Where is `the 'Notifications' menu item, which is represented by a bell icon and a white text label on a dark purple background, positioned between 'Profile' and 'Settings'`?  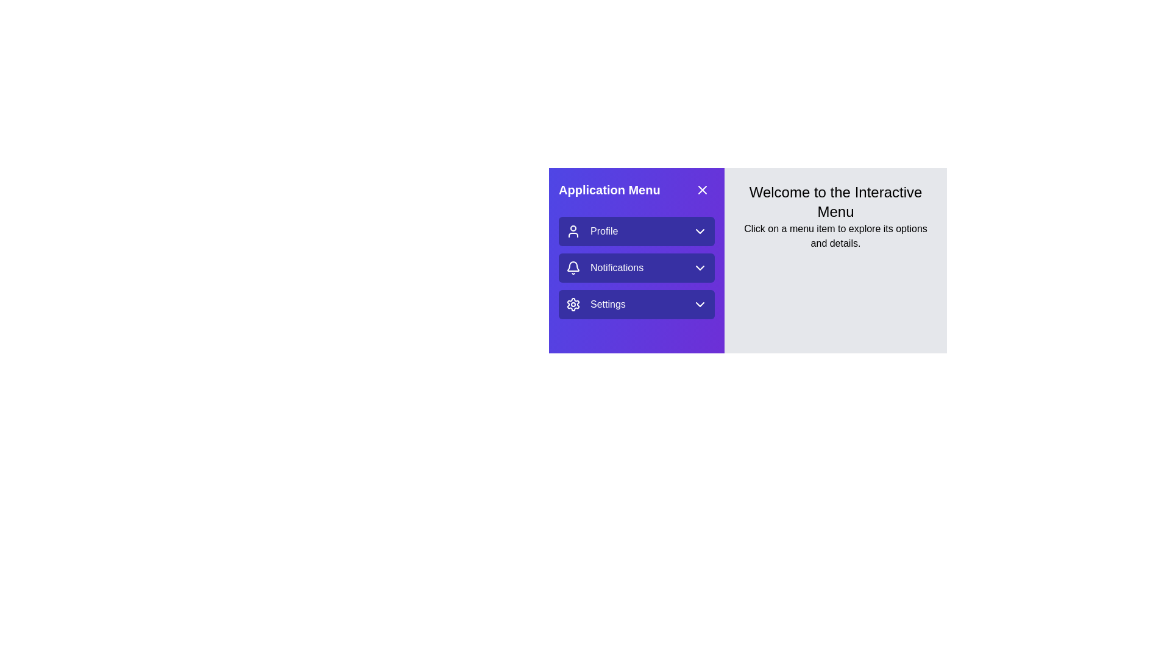
the 'Notifications' menu item, which is represented by a bell icon and a white text label on a dark purple background, positioned between 'Profile' and 'Settings' is located at coordinates (604, 267).